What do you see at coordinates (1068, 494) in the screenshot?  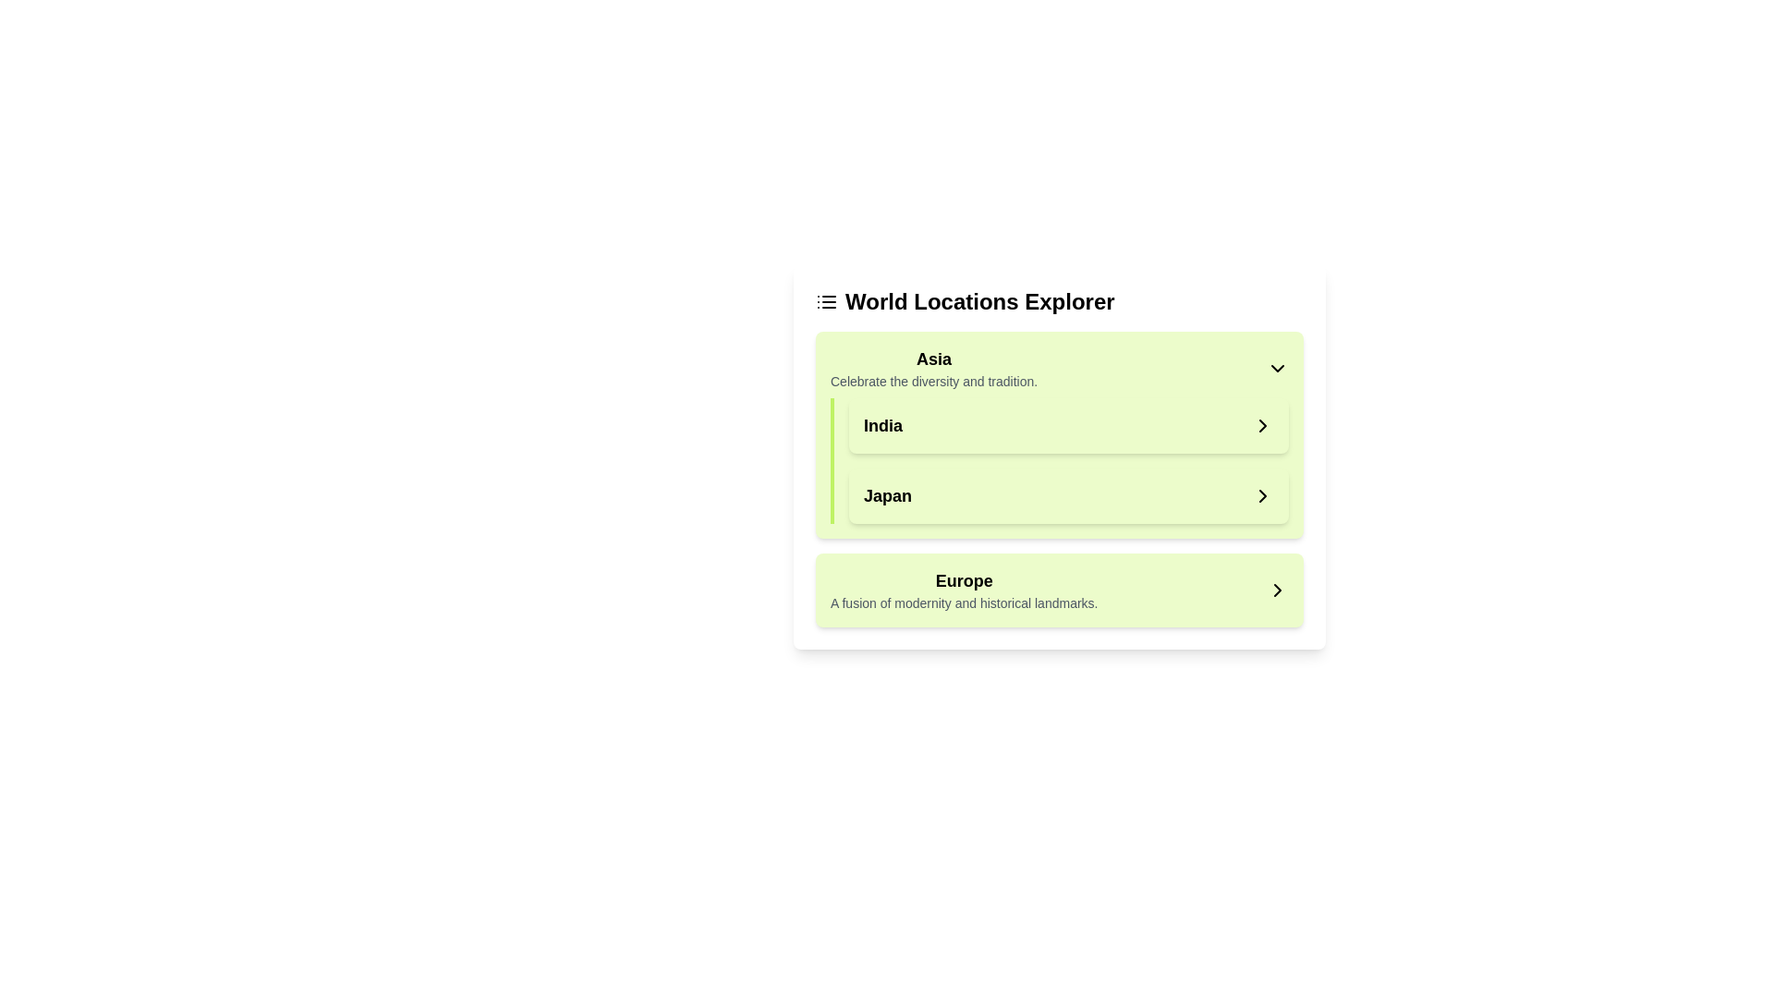 I see `the 'Japan' selectable item located under the 'Asia' group in the 'World Locations Explorer' interface` at bounding box center [1068, 494].